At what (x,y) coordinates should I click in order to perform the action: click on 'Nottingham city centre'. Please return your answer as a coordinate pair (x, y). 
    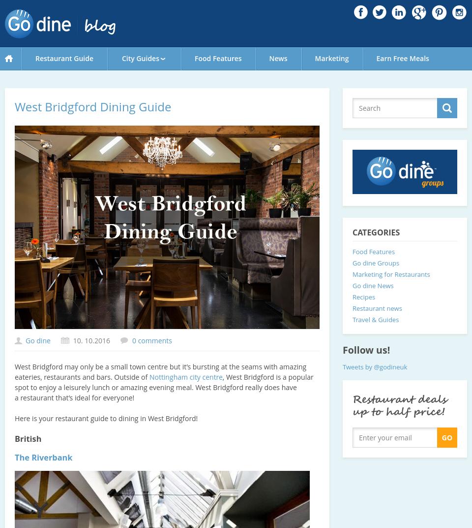
    Looking at the image, I should click on (185, 377).